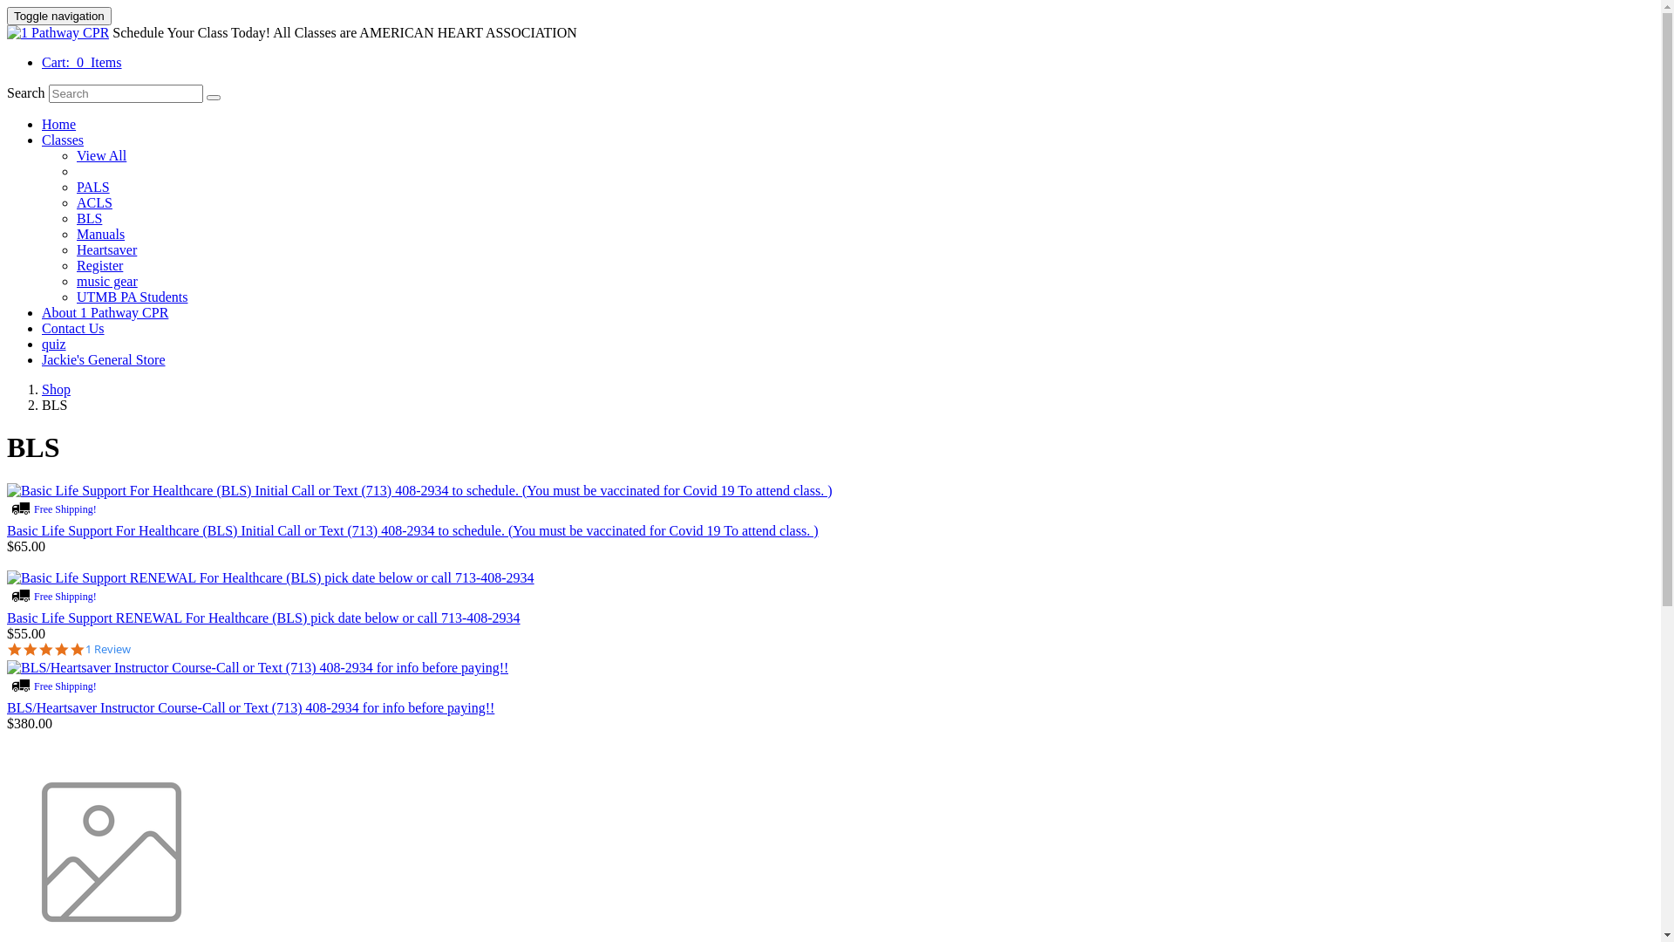 The height and width of the screenshot is (942, 1674). What do you see at coordinates (99, 265) in the screenshot?
I see `'Register'` at bounding box center [99, 265].